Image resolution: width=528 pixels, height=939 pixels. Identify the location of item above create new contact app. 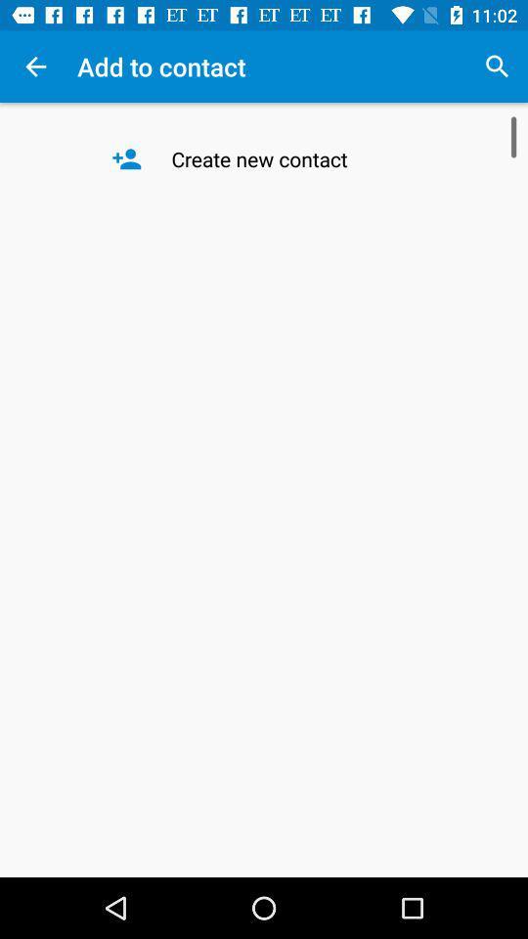
(497, 67).